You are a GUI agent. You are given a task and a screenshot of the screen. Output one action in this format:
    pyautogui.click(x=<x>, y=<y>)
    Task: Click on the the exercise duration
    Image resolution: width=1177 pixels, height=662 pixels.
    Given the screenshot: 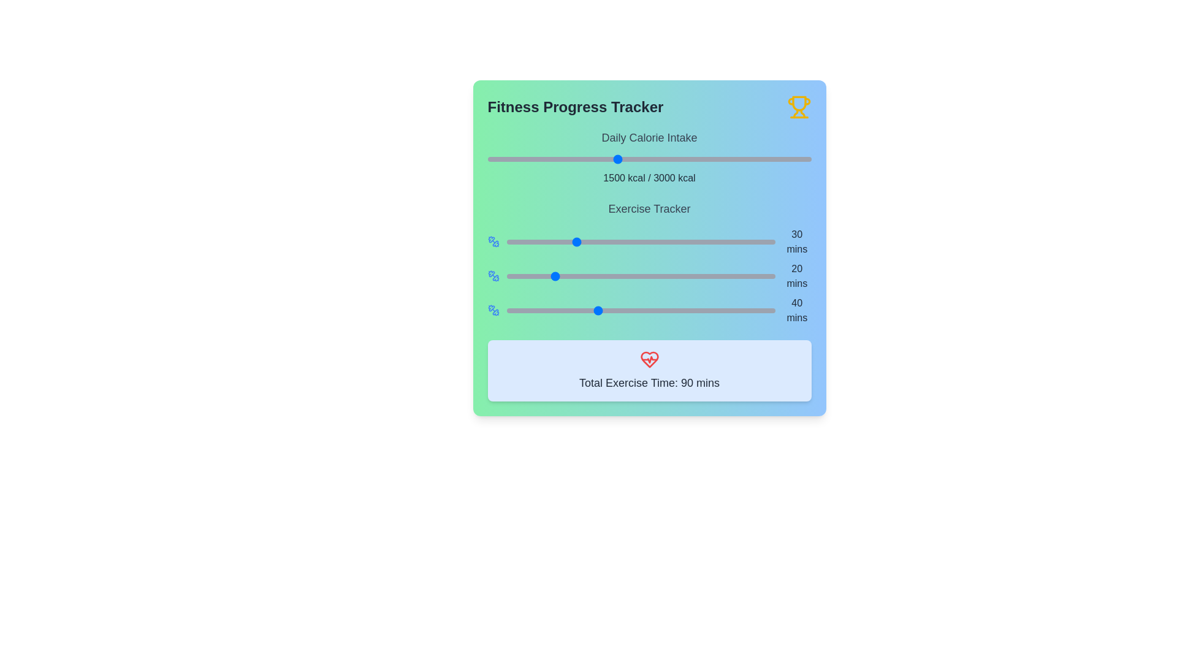 What is the action you would take?
    pyautogui.click(x=724, y=310)
    